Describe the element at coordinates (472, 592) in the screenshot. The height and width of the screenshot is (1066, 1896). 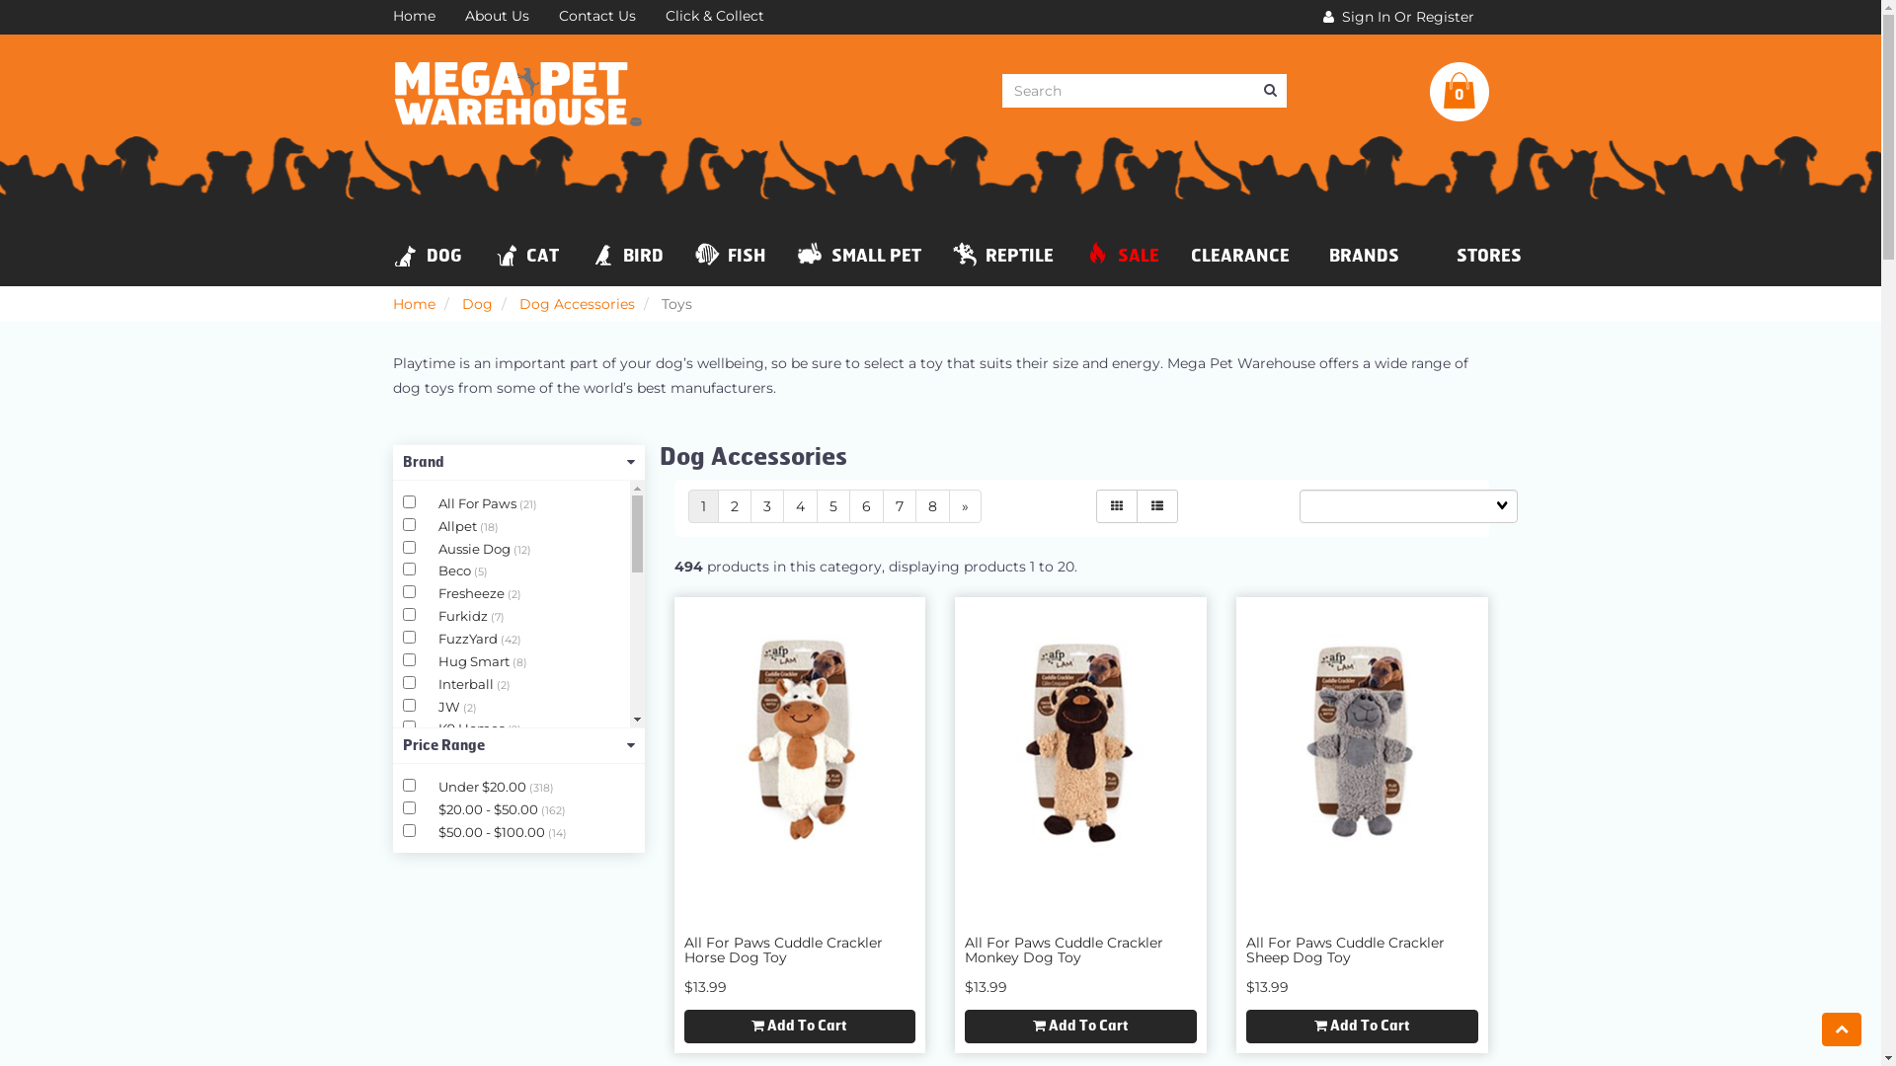
I see `'Fresheeze'` at that location.